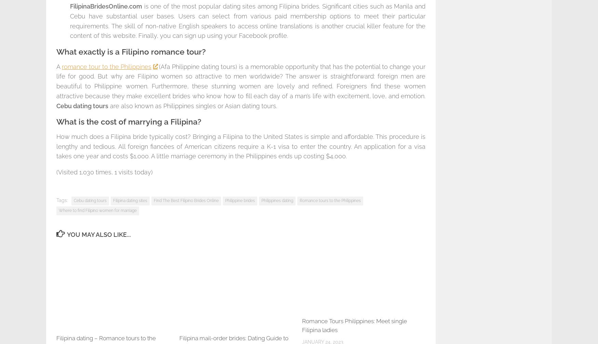 The height and width of the screenshot is (344, 598). What do you see at coordinates (56, 200) in the screenshot?
I see `'Tags:'` at bounding box center [56, 200].